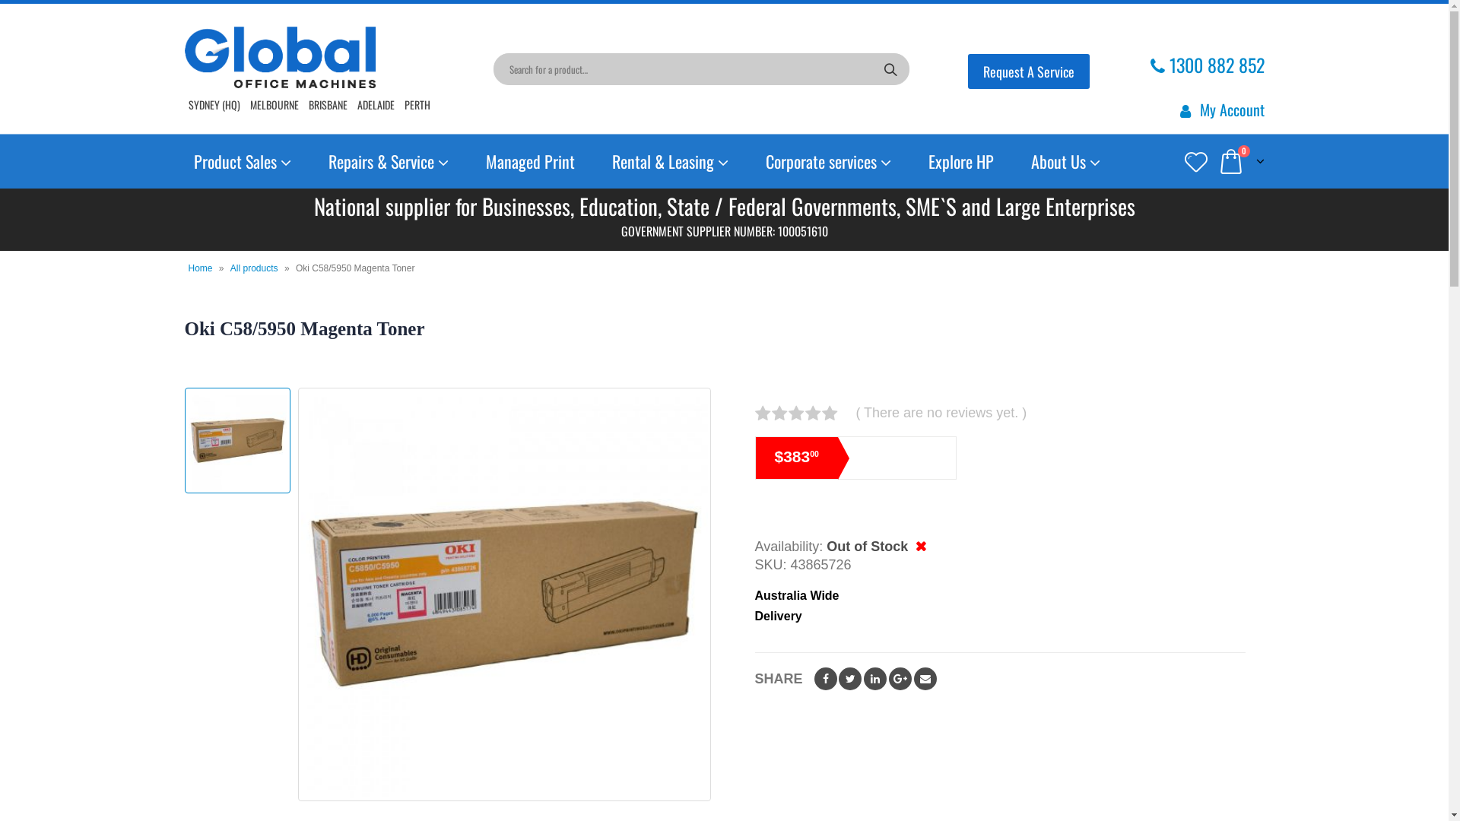 This screenshot has height=821, width=1460. What do you see at coordinates (875, 678) in the screenshot?
I see `'LinkedIn'` at bounding box center [875, 678].